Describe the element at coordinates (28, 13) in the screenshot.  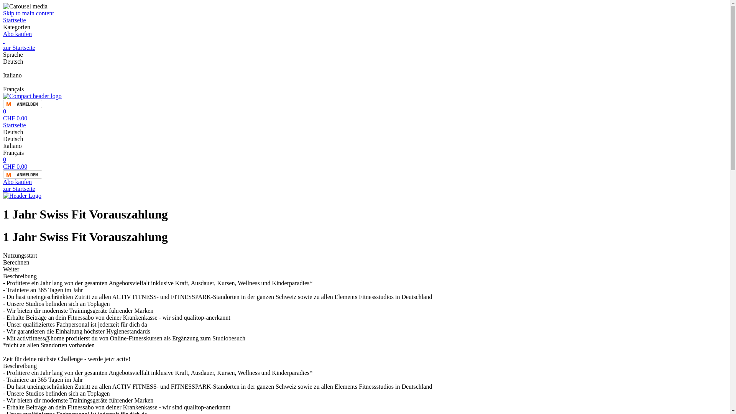
I see `'Skip to main content'` at that location.